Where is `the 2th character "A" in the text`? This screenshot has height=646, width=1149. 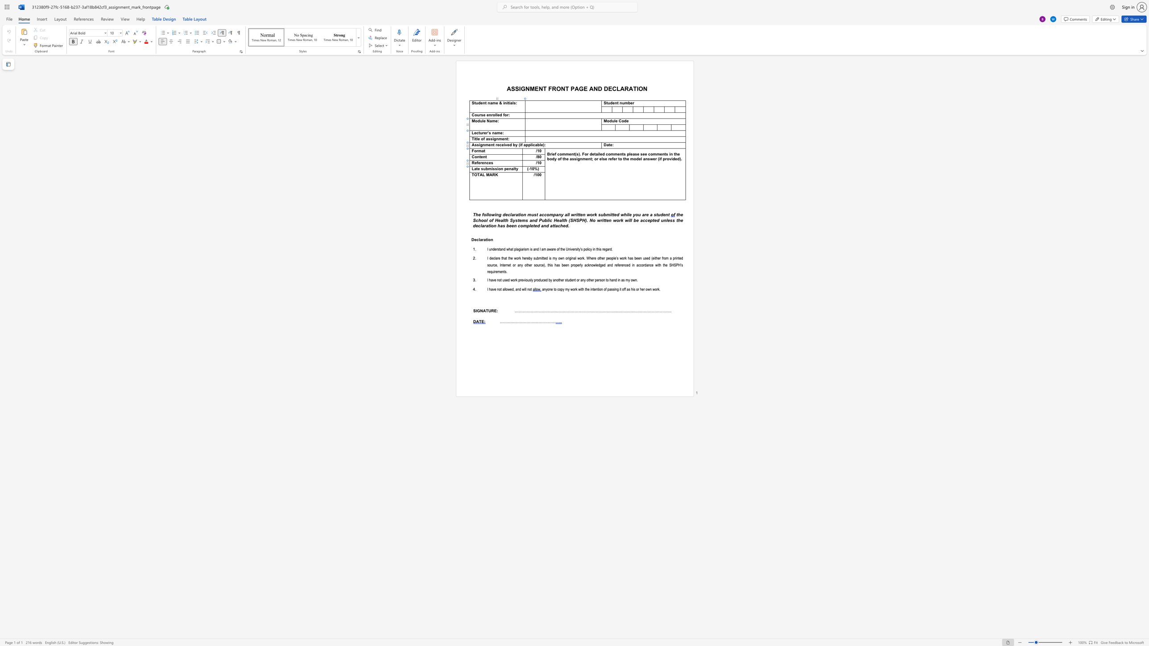 the 2th character "A" in the text is located at coordinates (491, 174).